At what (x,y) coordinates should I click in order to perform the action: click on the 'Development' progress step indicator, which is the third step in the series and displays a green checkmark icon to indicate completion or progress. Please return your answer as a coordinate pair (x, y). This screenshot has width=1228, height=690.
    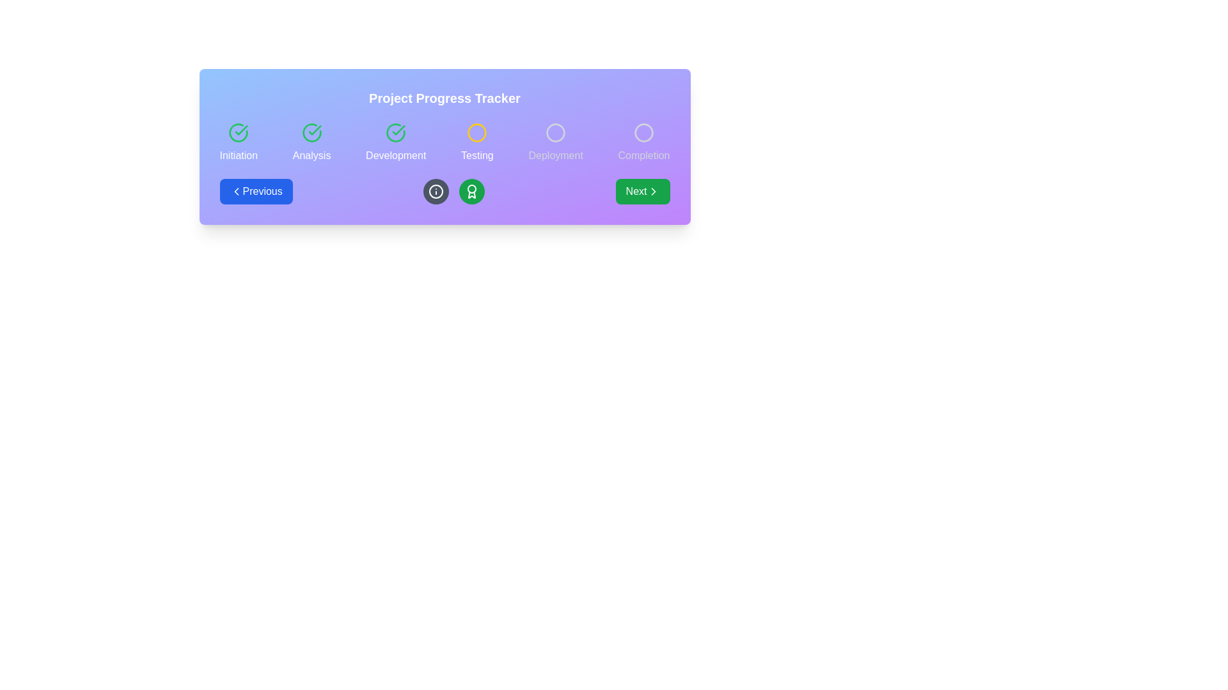
    Looking at the image, I should click on (395, 142).